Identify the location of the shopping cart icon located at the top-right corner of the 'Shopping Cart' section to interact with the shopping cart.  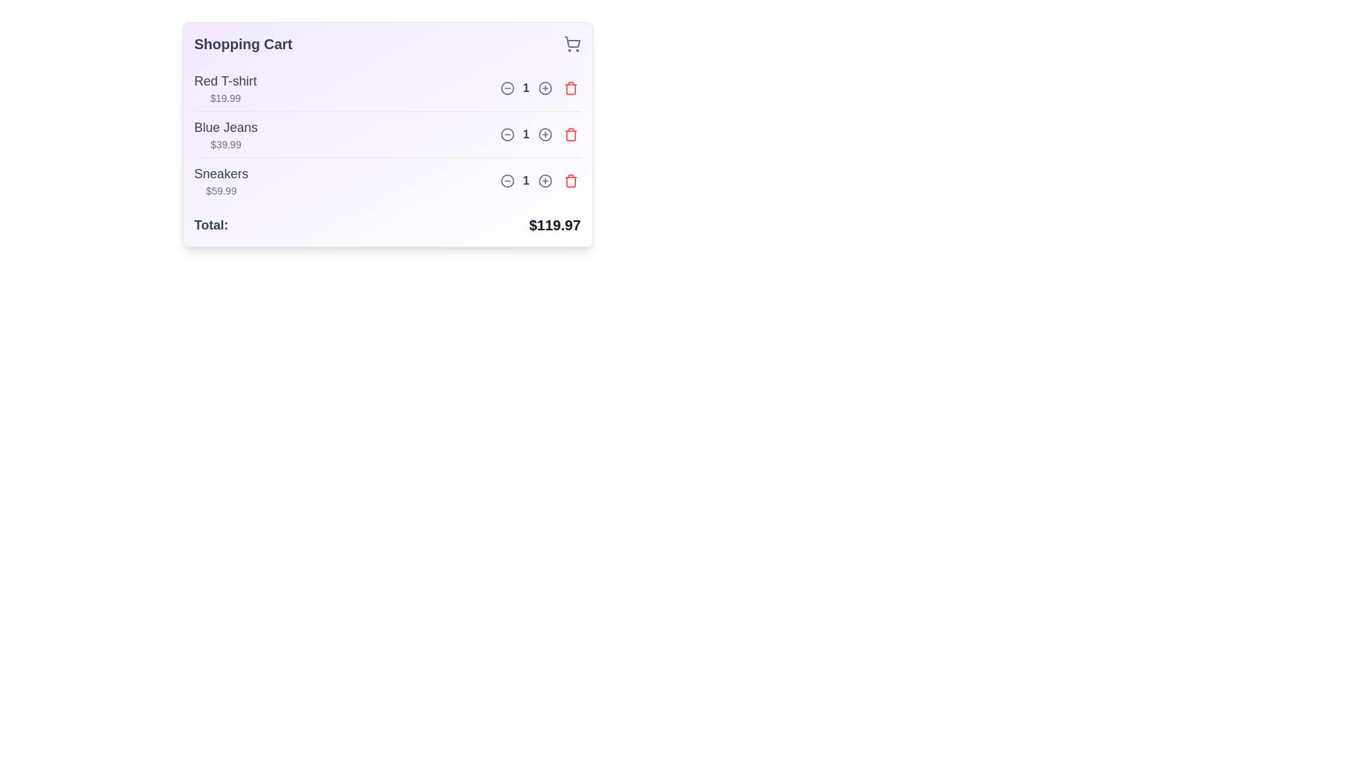
(572, 43).